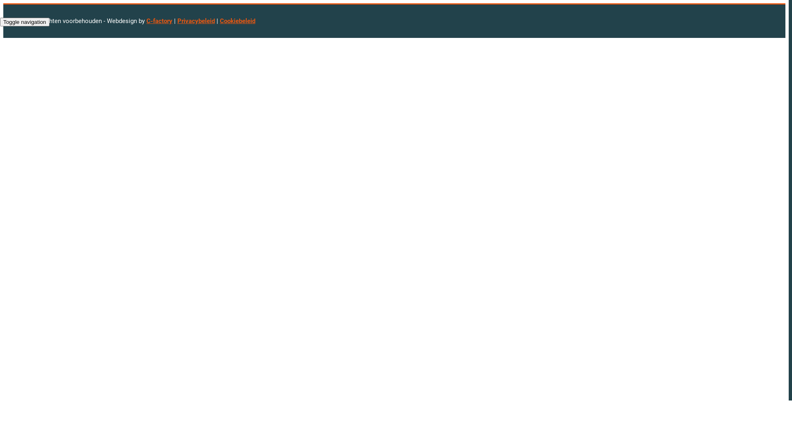 Image resolution: width=792 pixels, height=445 pixels. What do you see at coordinates (7, 41) in the screenshot?
I see `'HOME'` at bounding box center [7, 41].